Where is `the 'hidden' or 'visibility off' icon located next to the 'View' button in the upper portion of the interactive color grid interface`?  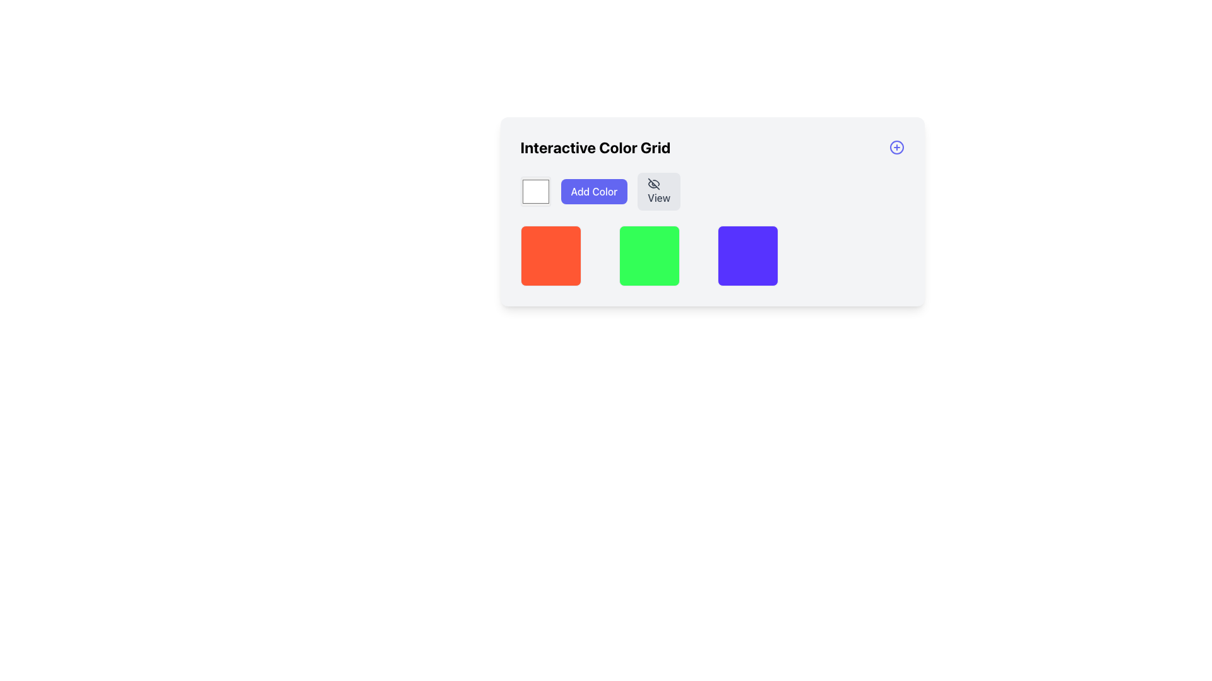
the 'hidden' or 'visibility off' icon located next to the 'View' button in the upper portion of the interactive color grid interface is located at coordinates (654, 184).